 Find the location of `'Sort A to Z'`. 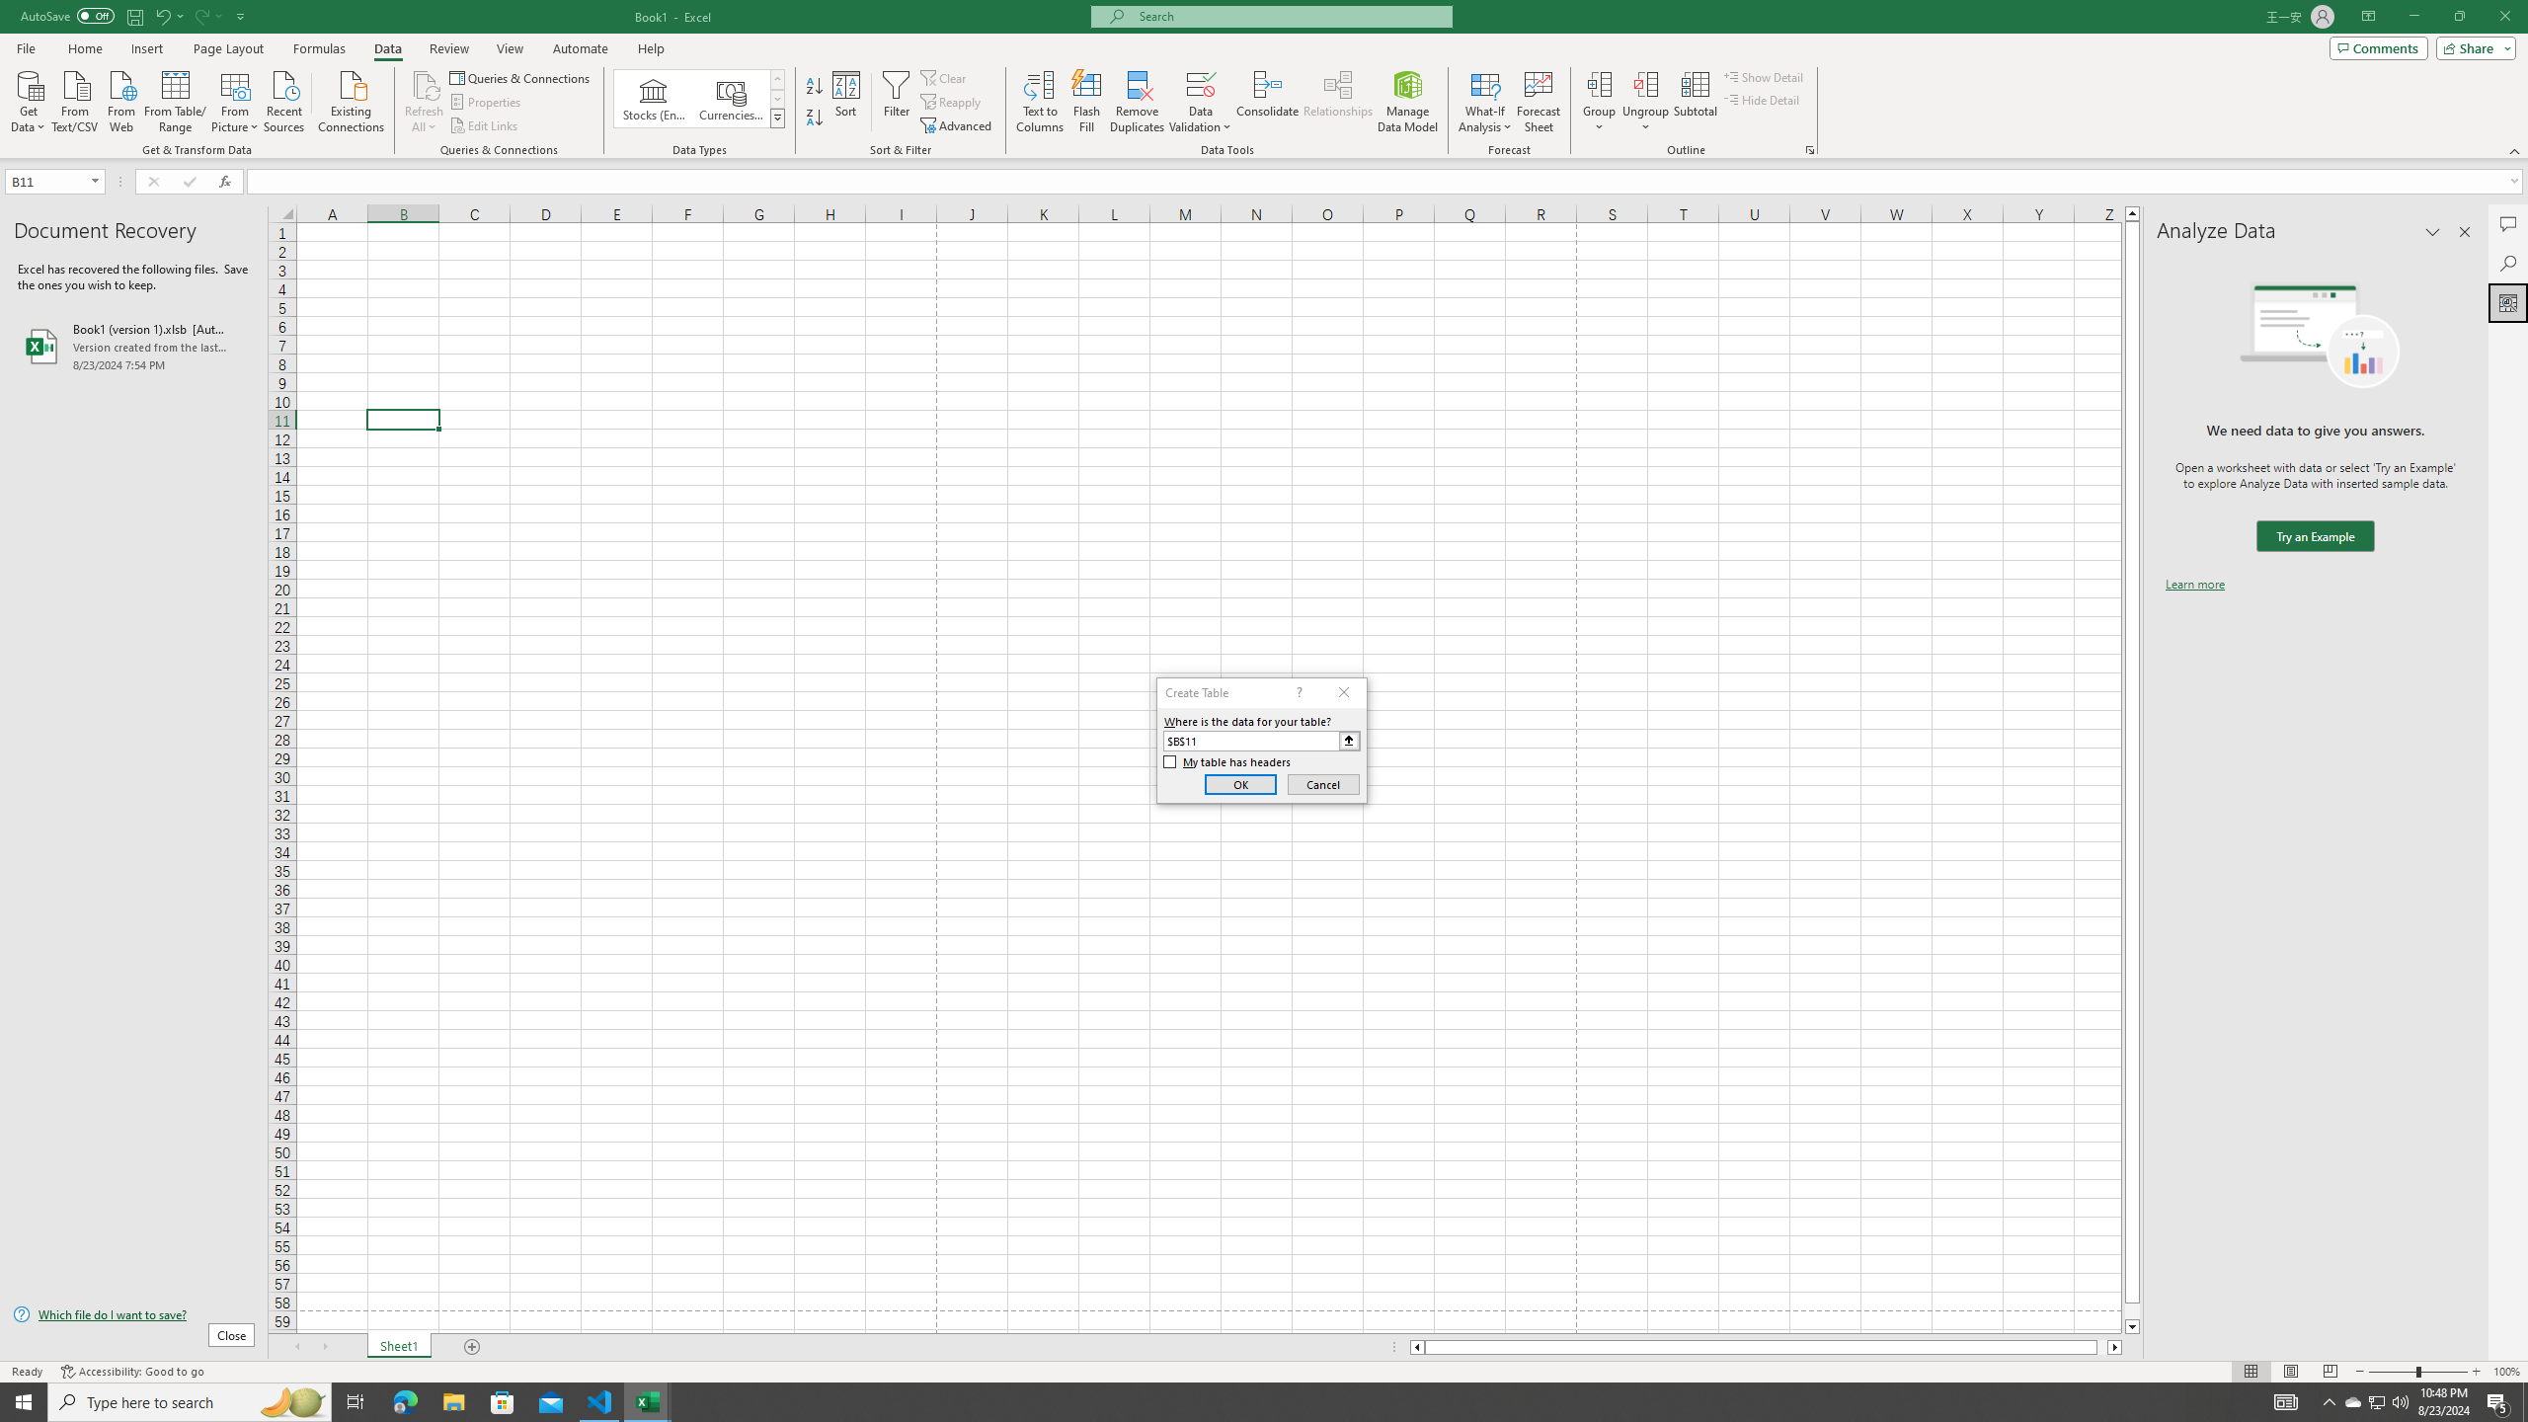

'Sort A to Z' is located at coordinates (814, 86).